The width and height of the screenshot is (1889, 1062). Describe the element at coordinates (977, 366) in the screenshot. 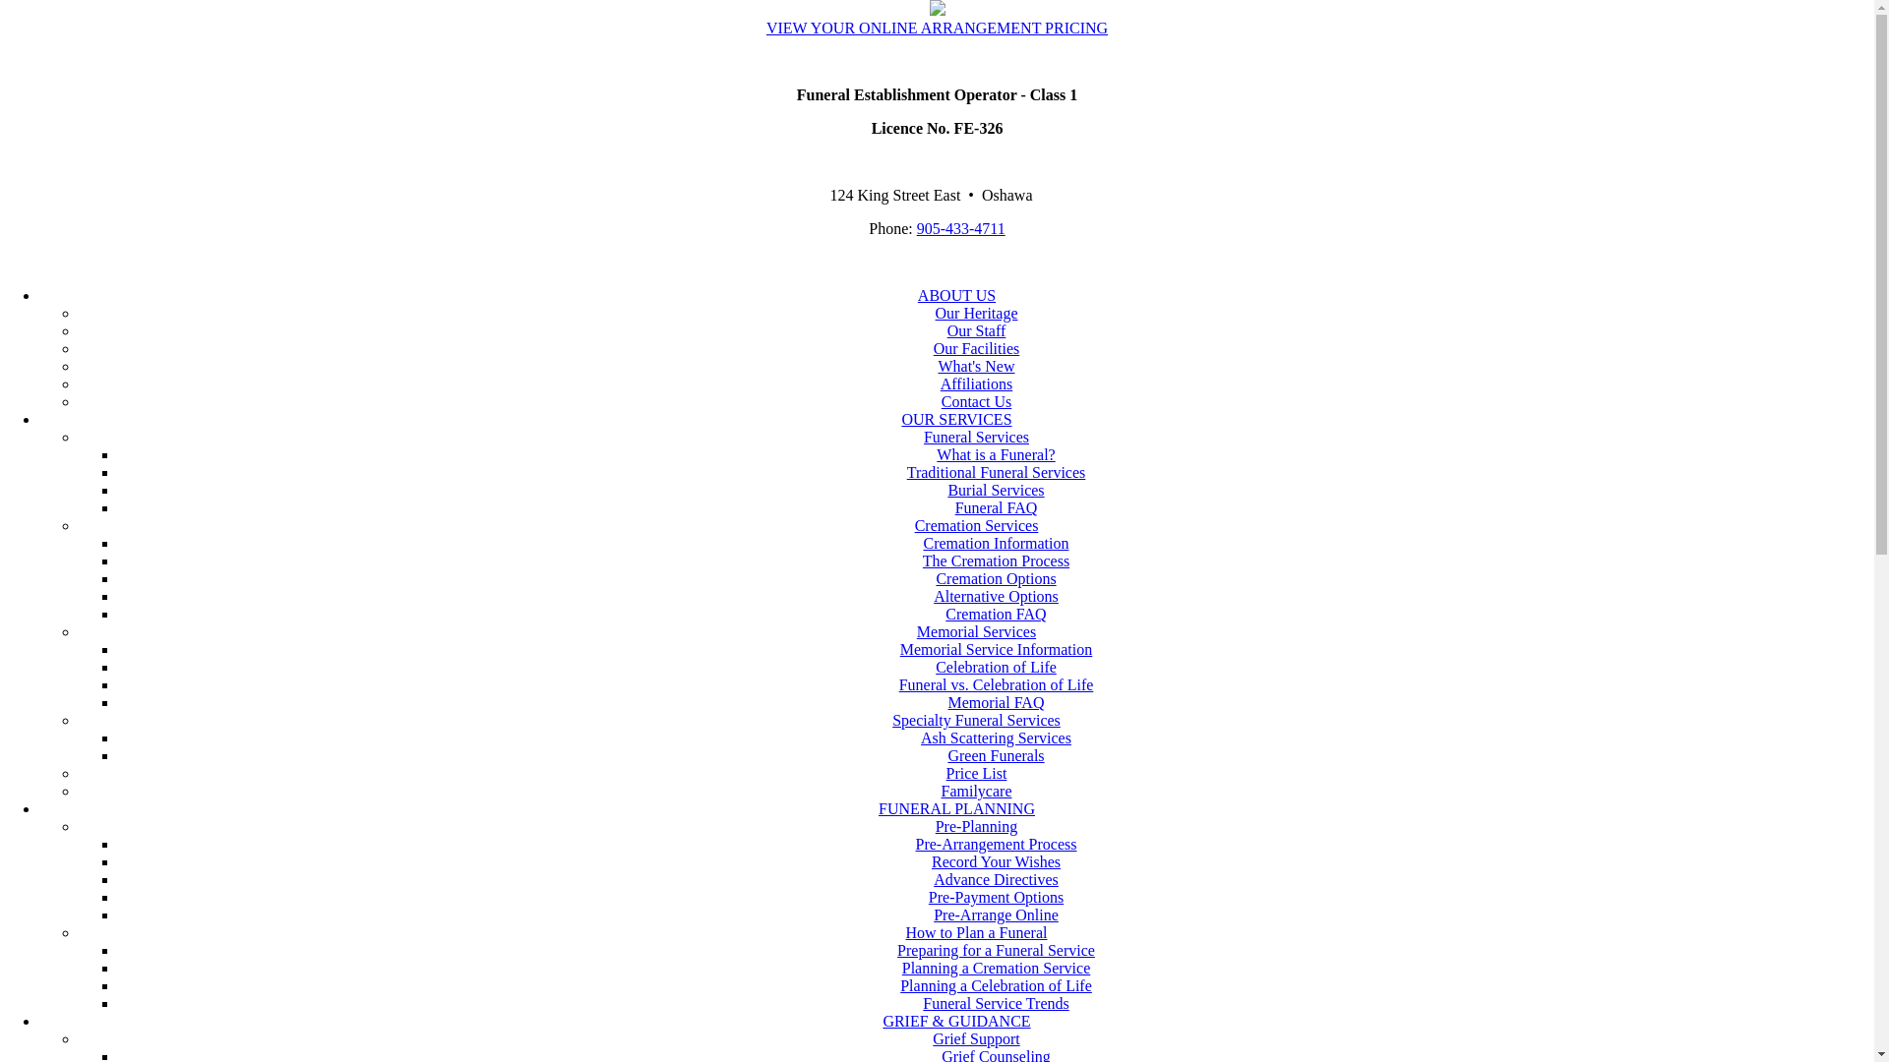

I see `'What's New'` at that location.